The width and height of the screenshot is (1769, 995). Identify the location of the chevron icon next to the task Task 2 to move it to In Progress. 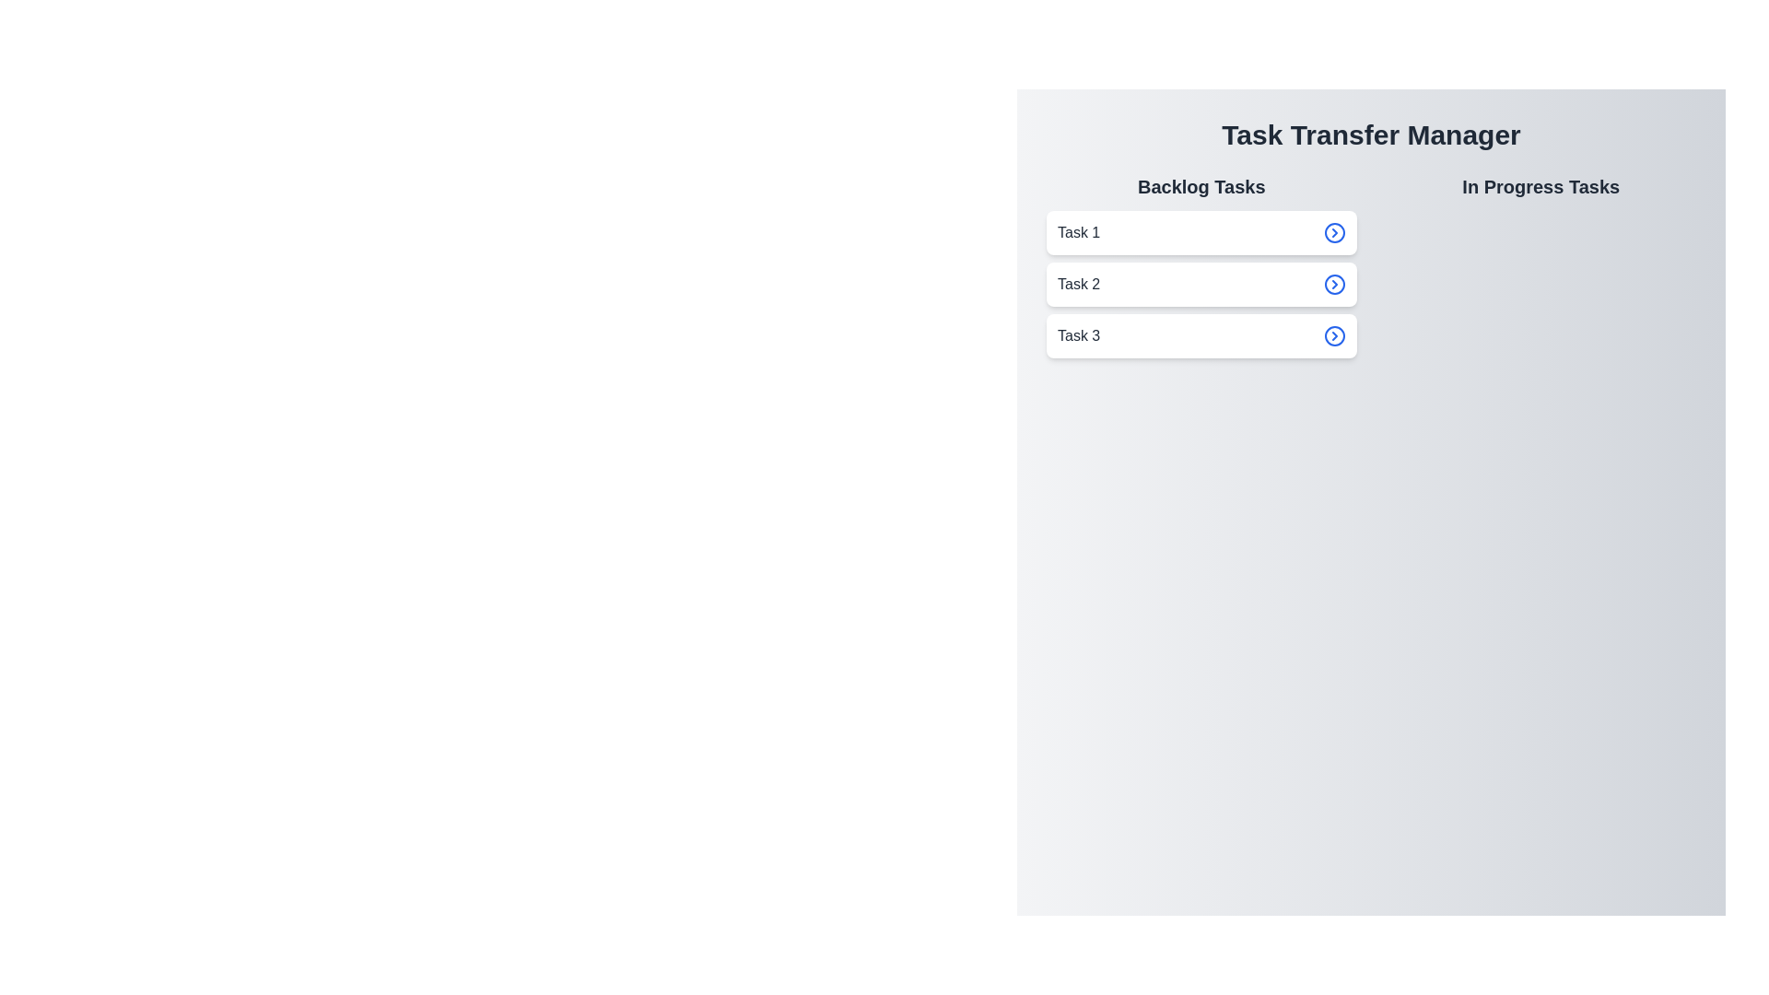
(1334, 284).